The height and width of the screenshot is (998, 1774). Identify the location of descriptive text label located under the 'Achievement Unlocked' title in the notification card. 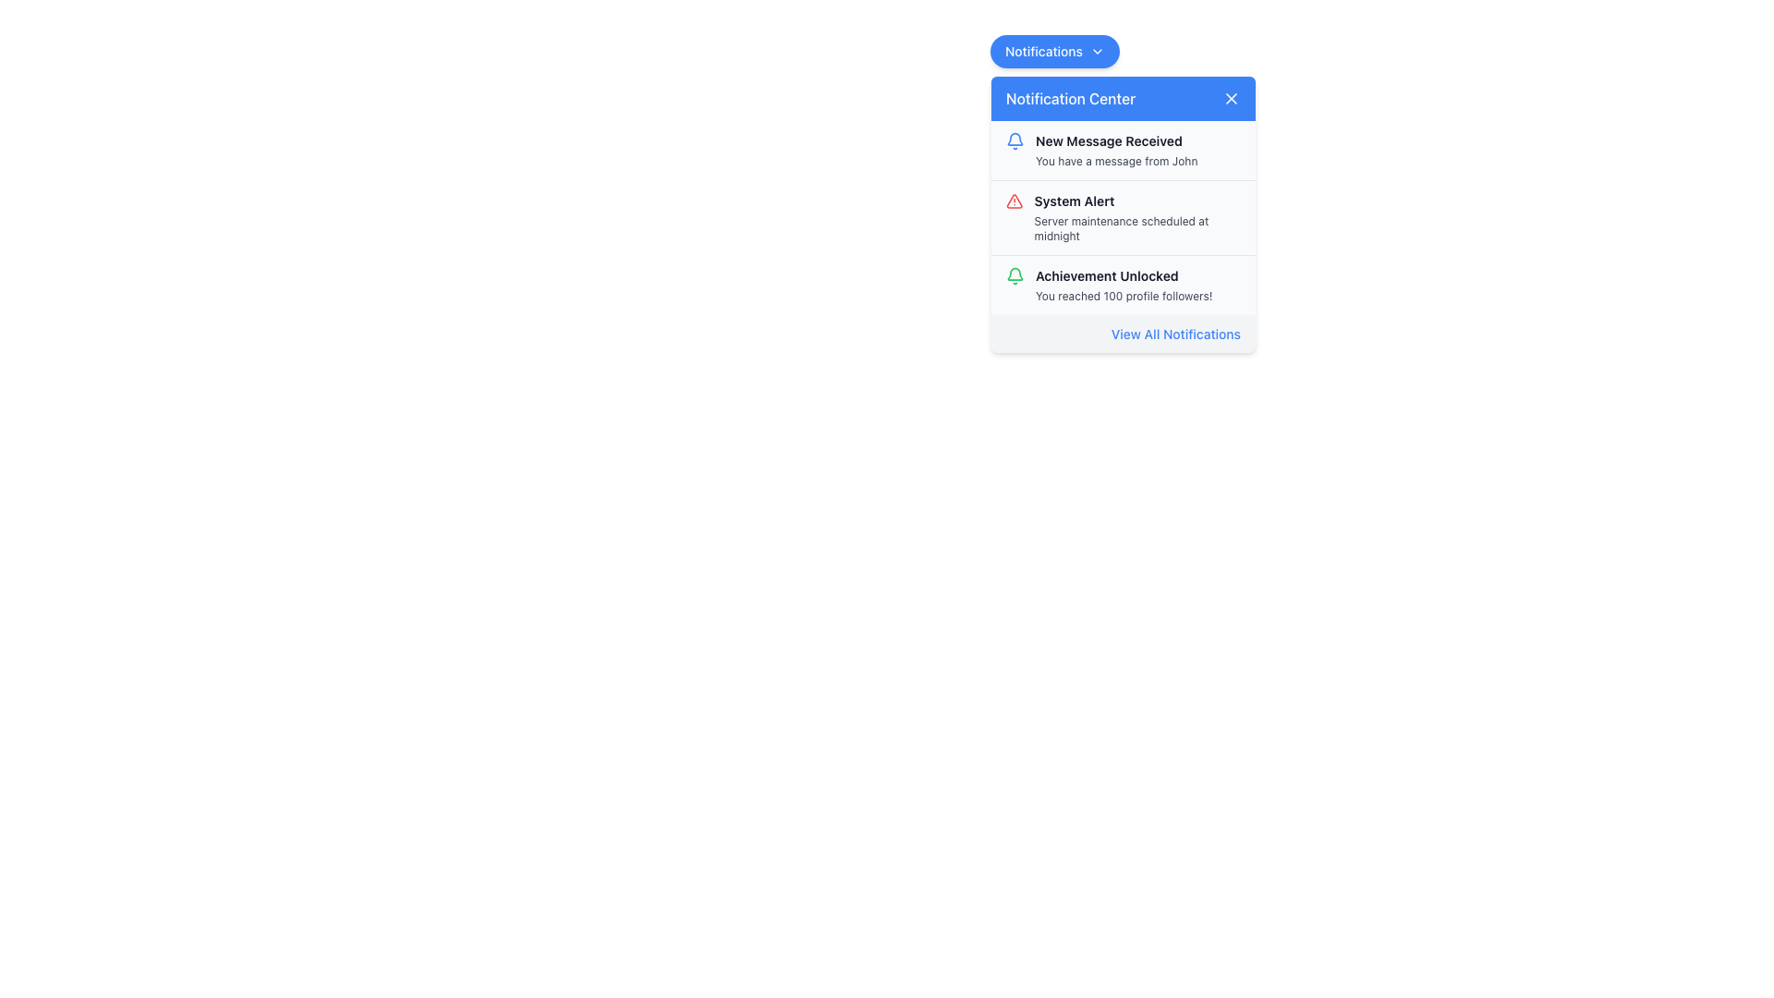
(1123, 295).